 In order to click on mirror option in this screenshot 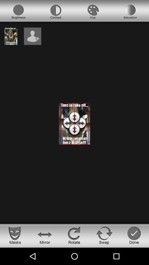, I will do `click(44, 235)`.